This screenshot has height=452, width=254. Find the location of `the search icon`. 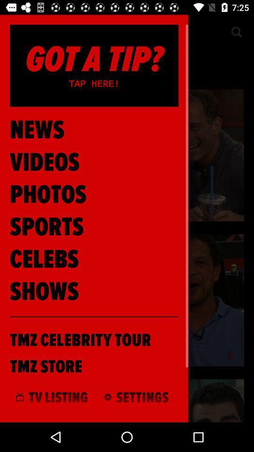

the search icon is located at coordinates (236, 32).